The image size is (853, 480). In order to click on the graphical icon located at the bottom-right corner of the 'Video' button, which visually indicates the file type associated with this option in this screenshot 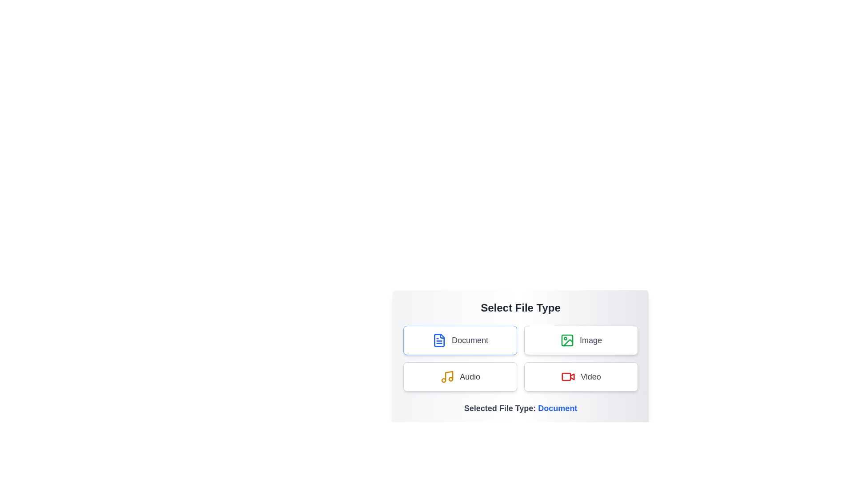, I will do `click(572, 376)`.